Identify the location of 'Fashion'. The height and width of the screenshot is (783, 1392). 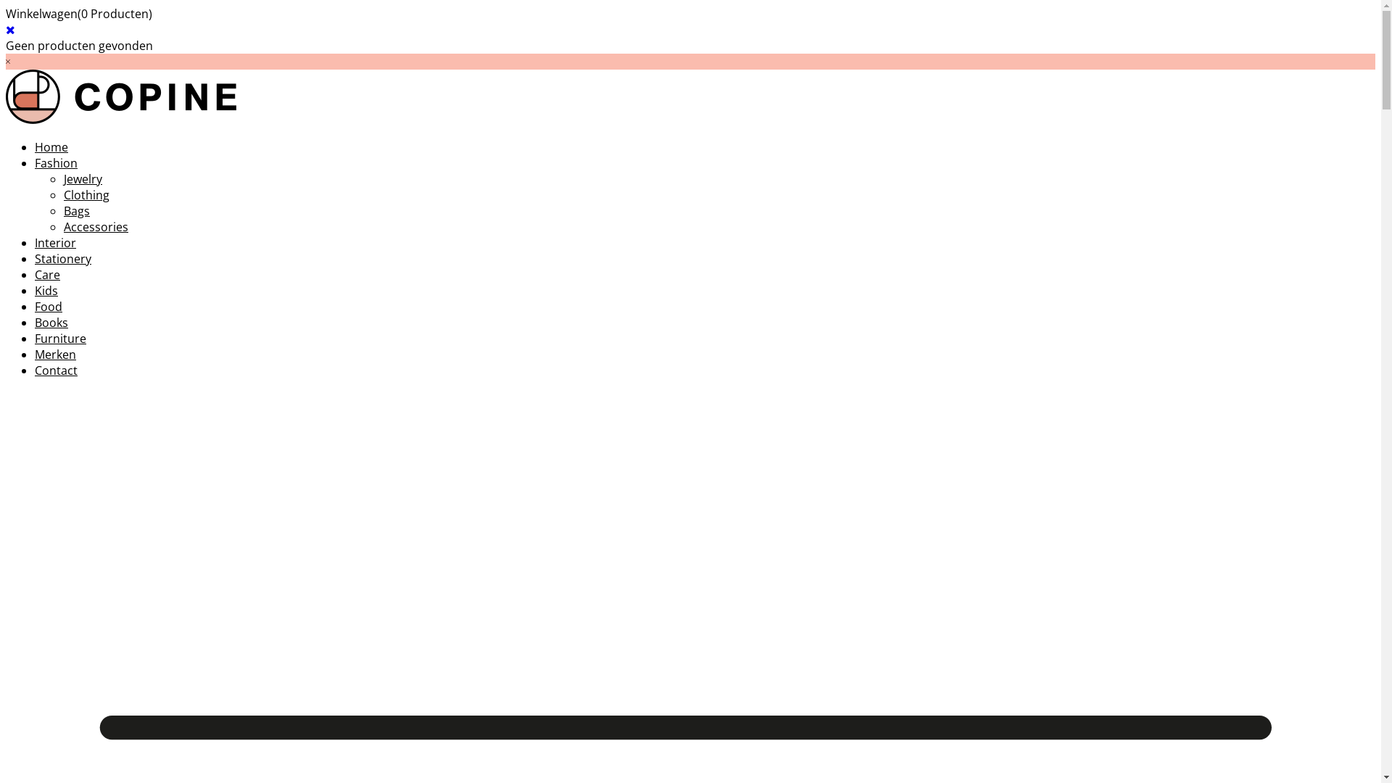
(56, 162).